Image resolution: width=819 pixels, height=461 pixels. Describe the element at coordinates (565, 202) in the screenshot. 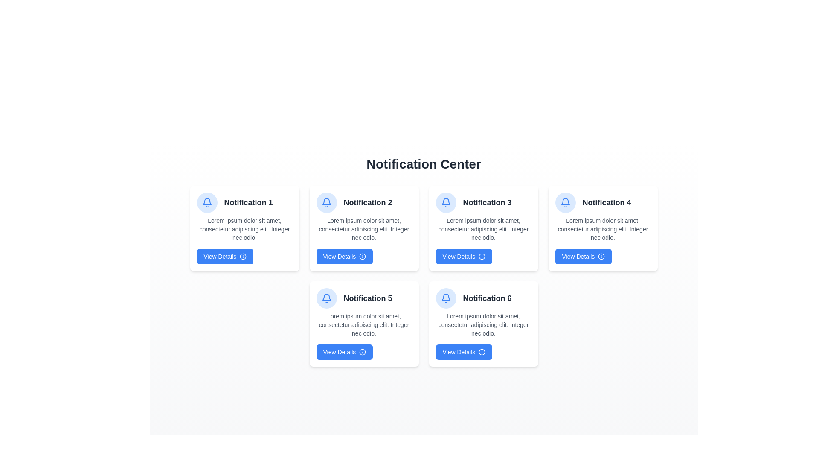

I see `the bell icon representing the notification functionality in the top-left notification box labeled 'Notification 1.'` at that location.